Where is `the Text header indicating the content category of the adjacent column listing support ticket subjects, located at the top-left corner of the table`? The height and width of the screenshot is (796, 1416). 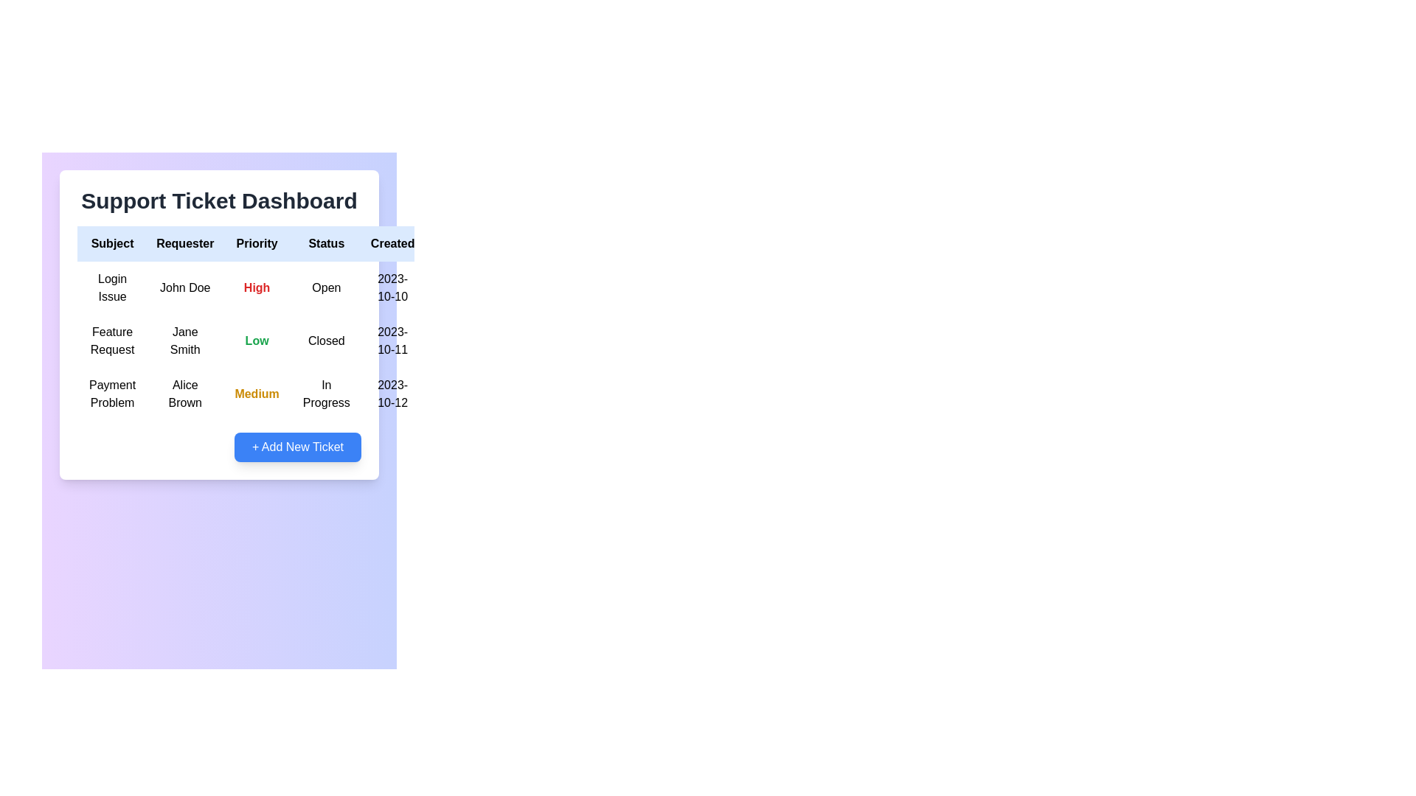 the Text header indicating the content category of the adjacent column listing support ticket subjects, located at the top-left corner of the table is located at coordinates (111, 243).